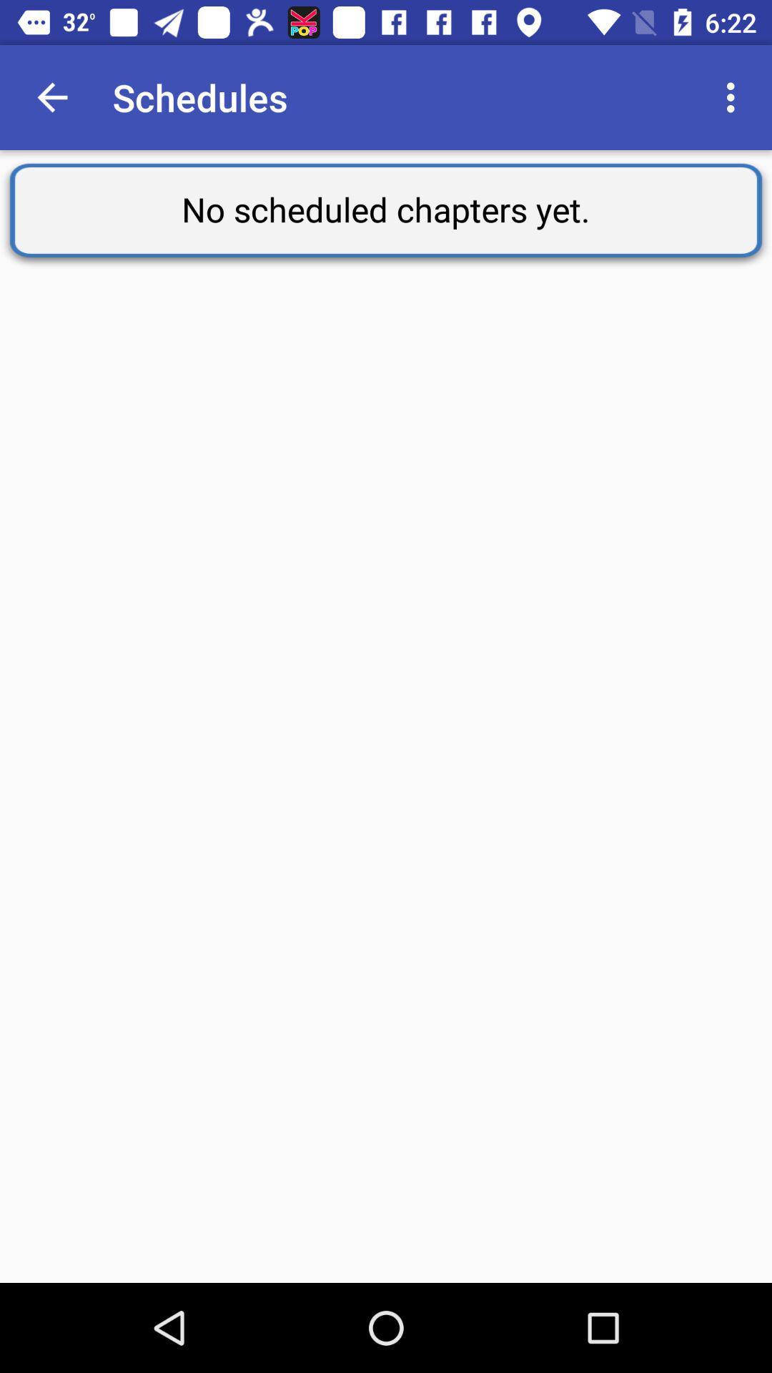 The image size is (772, 1373). Describe the element at coordinates (734, 97) in the screenshot. I see `the item at the top right corner` at that location.